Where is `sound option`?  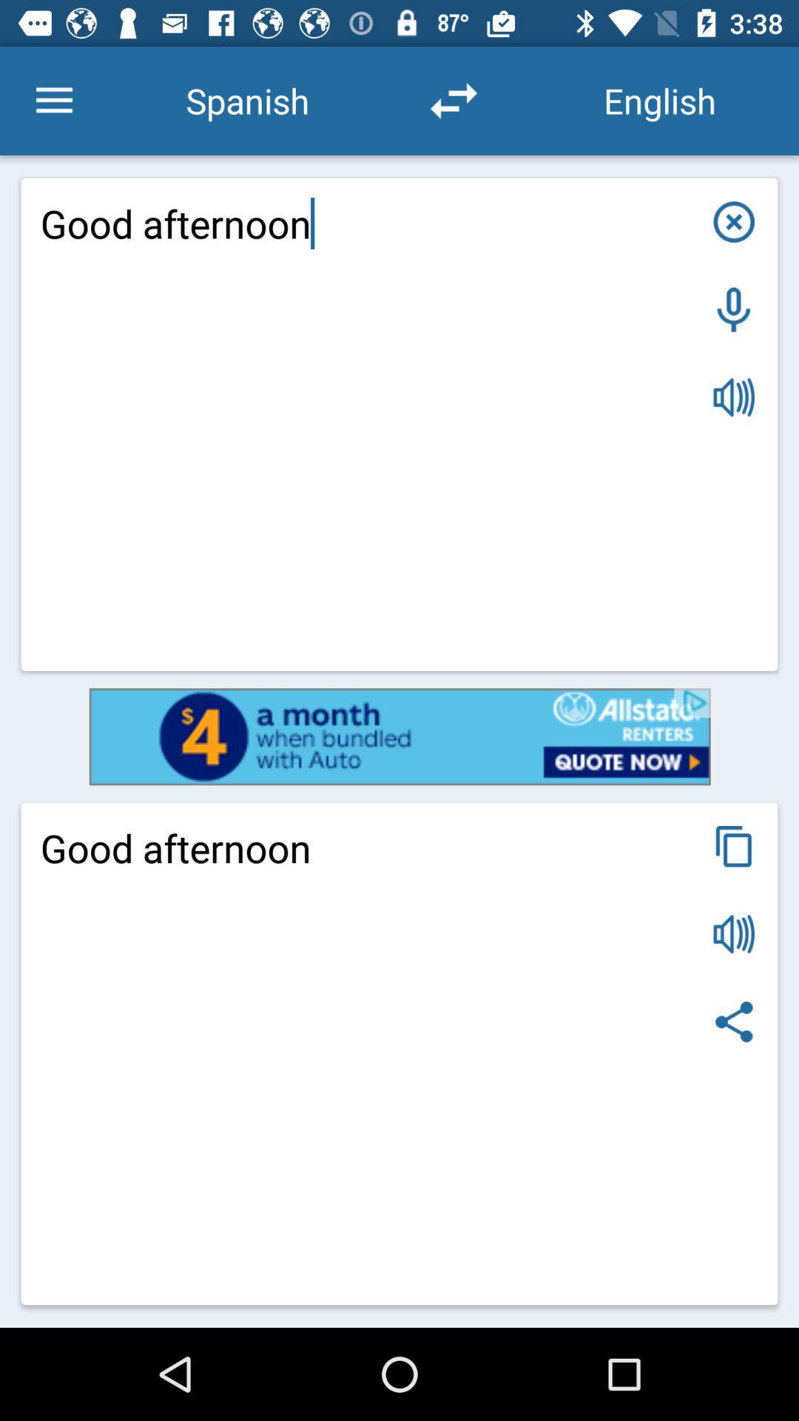
sound option is located at coordinates (734, 933).